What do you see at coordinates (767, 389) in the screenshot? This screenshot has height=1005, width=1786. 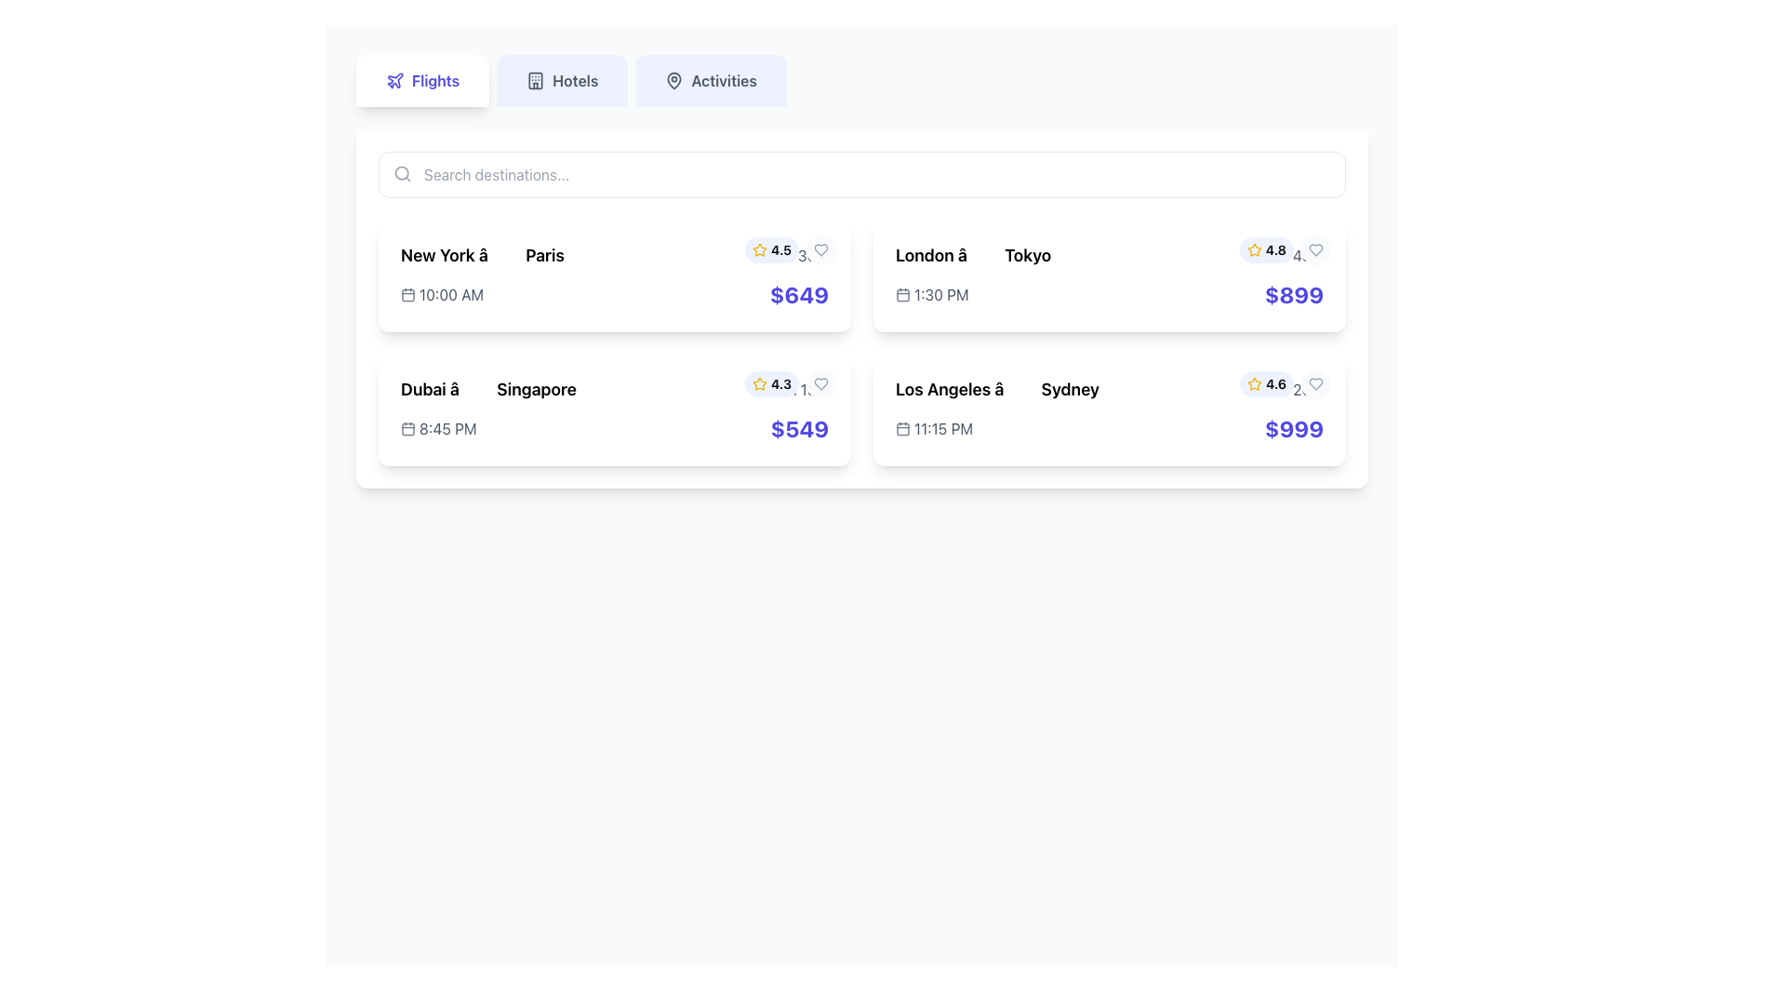 I see `the small circular gray clock icon located next to the duration text '6h 15m' within the flight information component for the Dubai to Singapore route` at bounding box center [767, 389].